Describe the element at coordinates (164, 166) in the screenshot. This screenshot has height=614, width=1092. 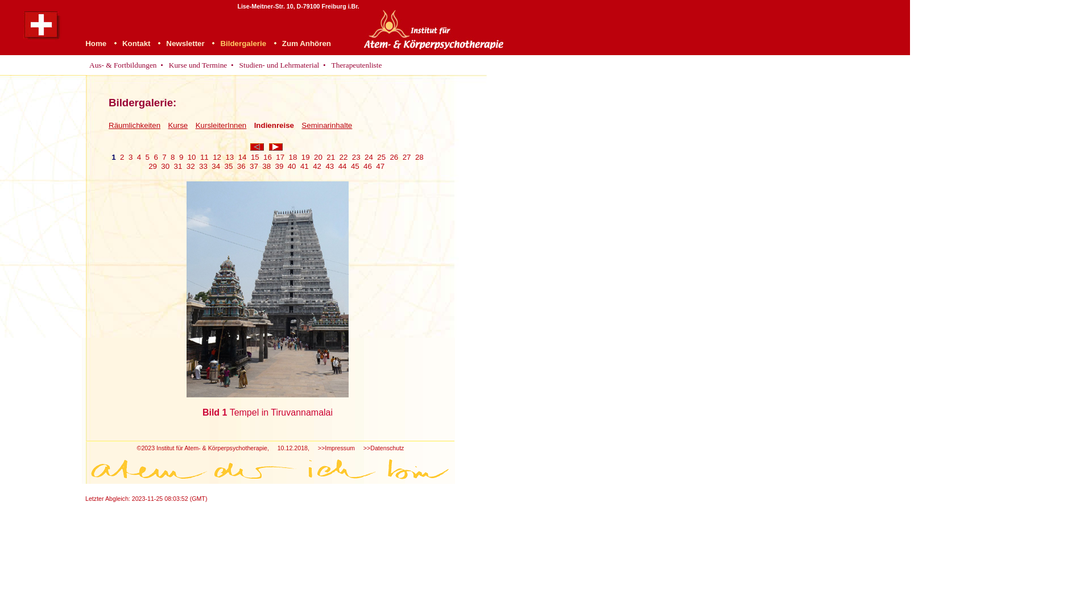
I see `'30'` at that location.